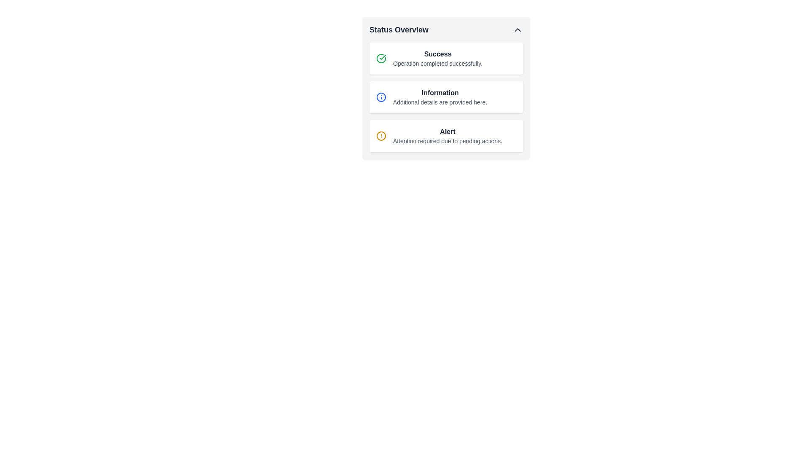 The image size is (809, 455). Describe the element at coordinates (381, 97) in the screenshot. I see `the blue outer ring of the 'Information' icon, which is a circular shape located in the middle of a vertical list of three status items within the status overview panel` at that location.